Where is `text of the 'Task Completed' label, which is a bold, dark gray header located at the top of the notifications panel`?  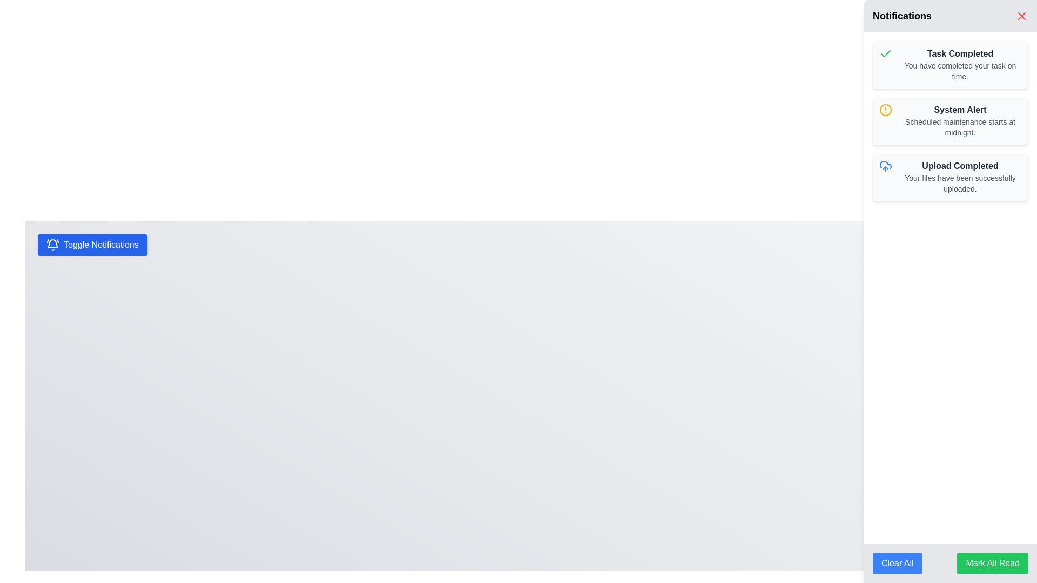
text of the 'Task Completed' label, which is a bold, dark gray header located at the top of the notifications panel is located at coordinates (960, 54).